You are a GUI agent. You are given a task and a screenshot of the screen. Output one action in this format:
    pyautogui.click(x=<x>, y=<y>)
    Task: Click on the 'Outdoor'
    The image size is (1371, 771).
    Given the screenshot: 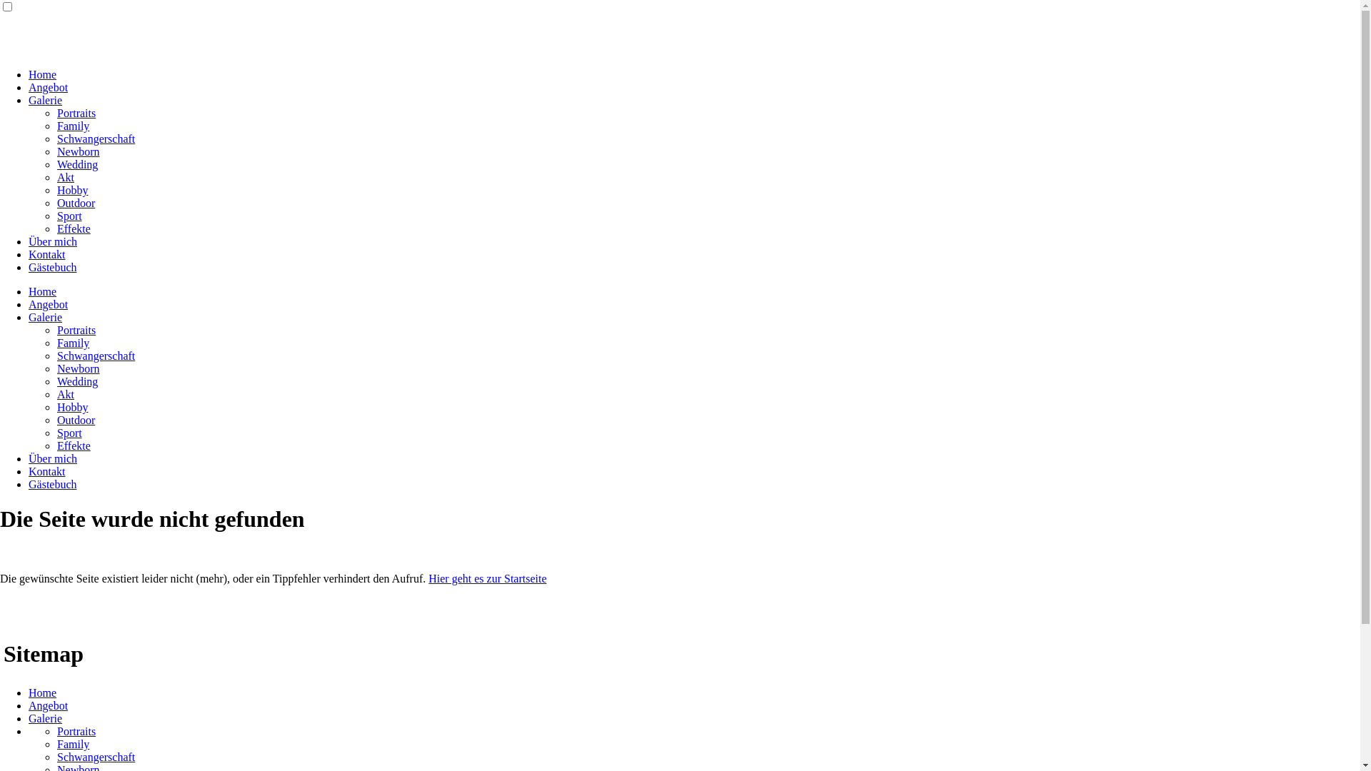 What is the action you would take?
    pyautogui.click(x=75, y=419)
    